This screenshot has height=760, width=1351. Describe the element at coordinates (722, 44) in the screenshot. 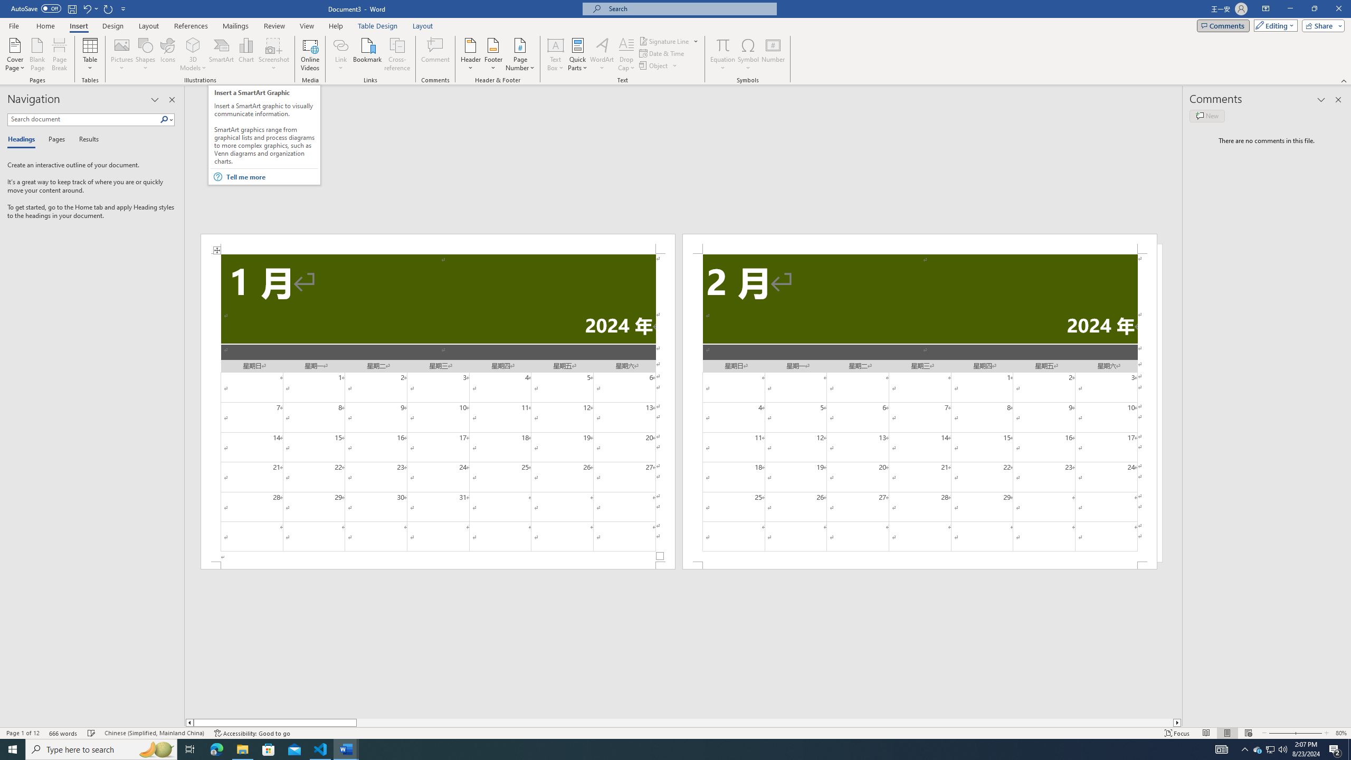

I see `'Equation'` at that location.